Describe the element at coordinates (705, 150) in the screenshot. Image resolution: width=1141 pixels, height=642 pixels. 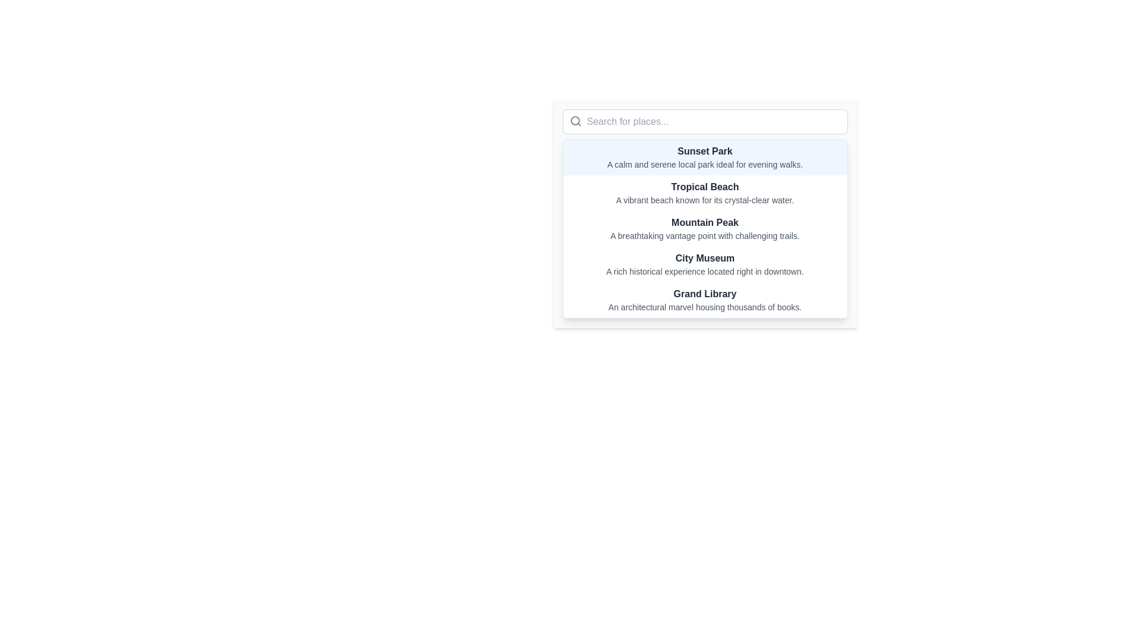
I see `the Text label displaying 'Sunset Park' in bold, black font on a light-blue background` at that location.